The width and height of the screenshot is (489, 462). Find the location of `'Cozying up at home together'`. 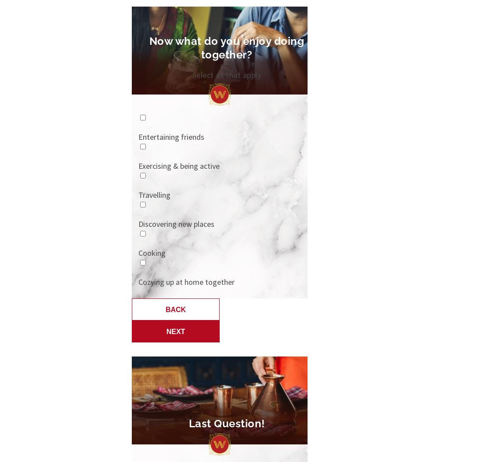

'Cozying up at home together' is located at coordinates (186, 281).